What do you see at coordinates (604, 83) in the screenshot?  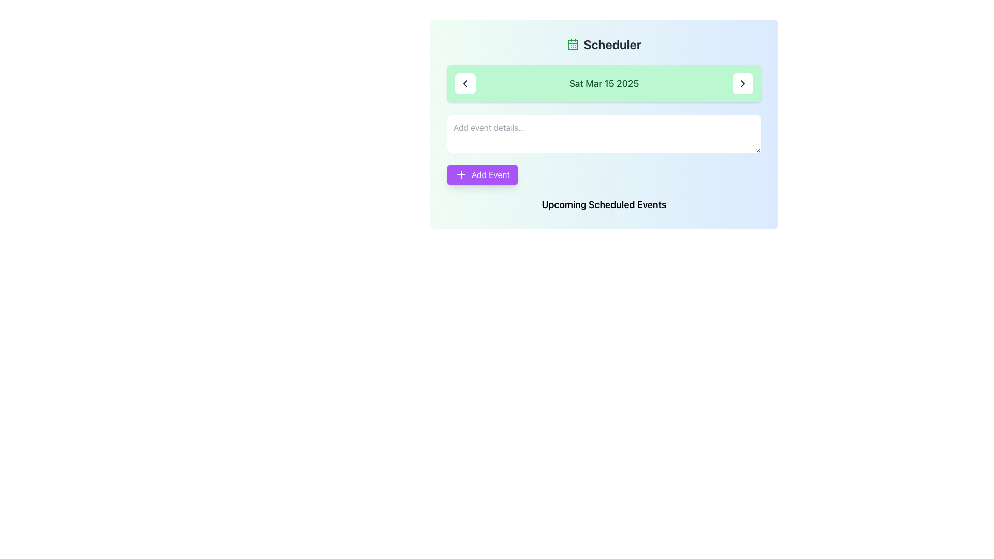 I see `the Static Text Display element that shows the date March 15, 2025, which is located in the horizontal center of the green rectangular strip in the scheduler interface` at bounding box center [604, 83].